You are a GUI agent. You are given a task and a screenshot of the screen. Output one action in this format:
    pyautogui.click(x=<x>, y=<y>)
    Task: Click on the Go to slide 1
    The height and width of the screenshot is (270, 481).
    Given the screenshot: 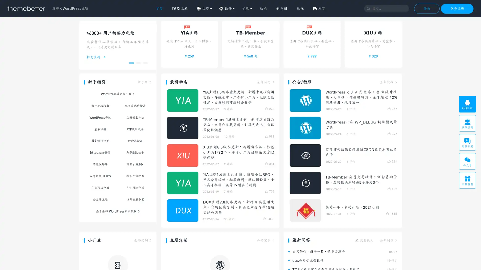 What is the action you would take?
    pyautogui.click(x=131, y=62)
    